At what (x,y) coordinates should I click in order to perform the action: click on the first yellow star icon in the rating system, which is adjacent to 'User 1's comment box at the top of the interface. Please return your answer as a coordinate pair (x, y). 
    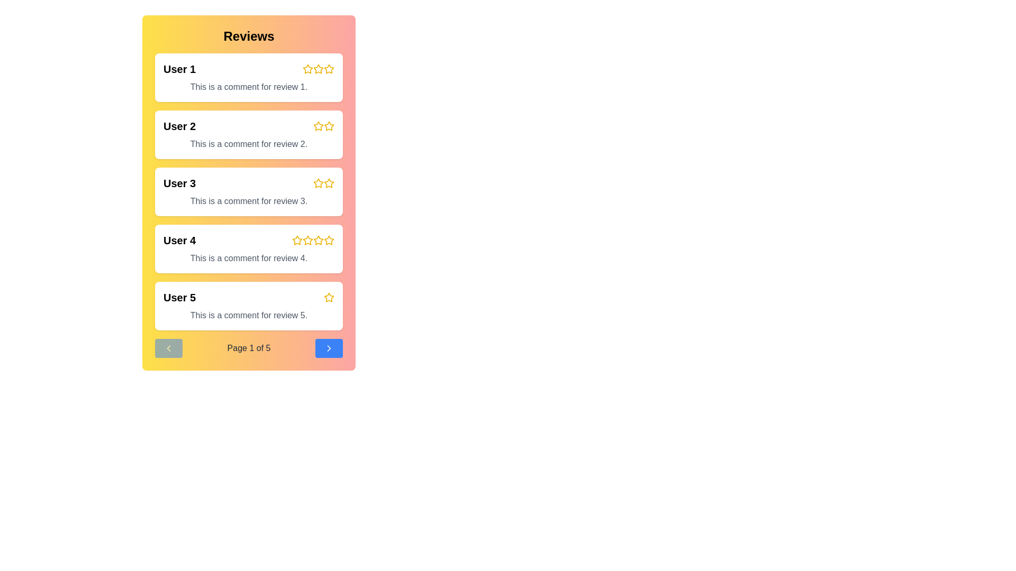
    Looking at the image, I should click on (317, 69).